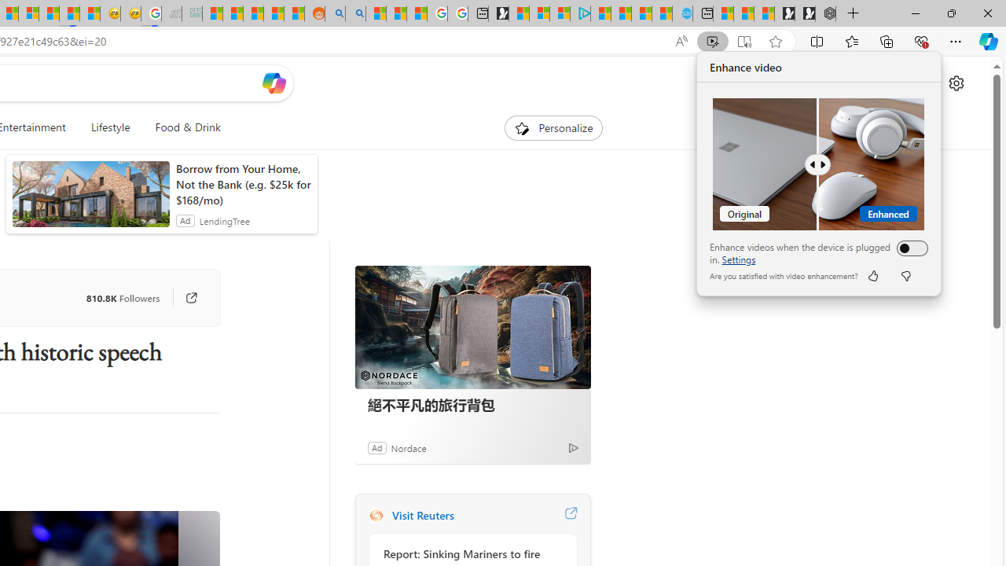  I want to click on 'anim-content', so click(90, 200).